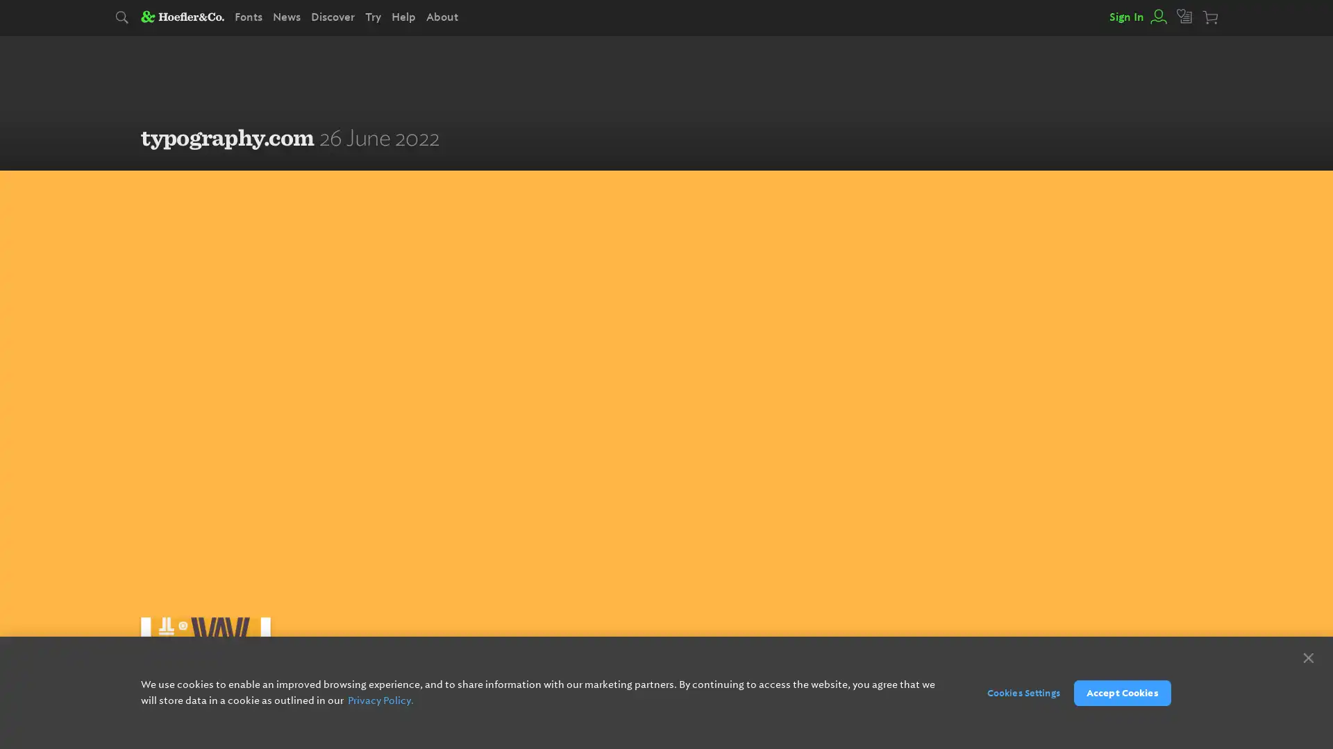 The image size is (1333, 749). What do you see at coordinates (1016, 692) in the screenshot?
I see `Cookies Settings` at bounding box center [1016, 692].